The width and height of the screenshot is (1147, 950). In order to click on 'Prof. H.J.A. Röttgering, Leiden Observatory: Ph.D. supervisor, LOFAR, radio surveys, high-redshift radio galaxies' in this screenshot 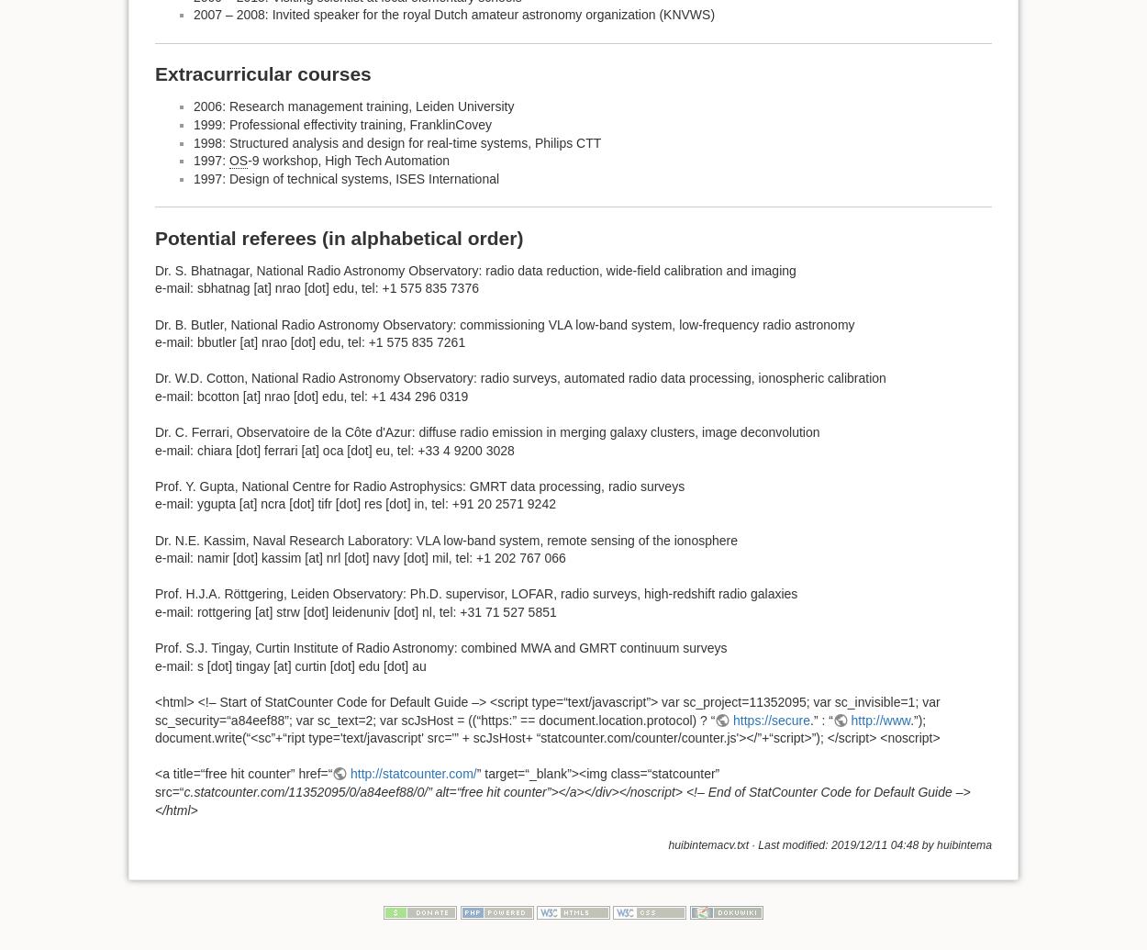, I will do `click(476, 592)`.